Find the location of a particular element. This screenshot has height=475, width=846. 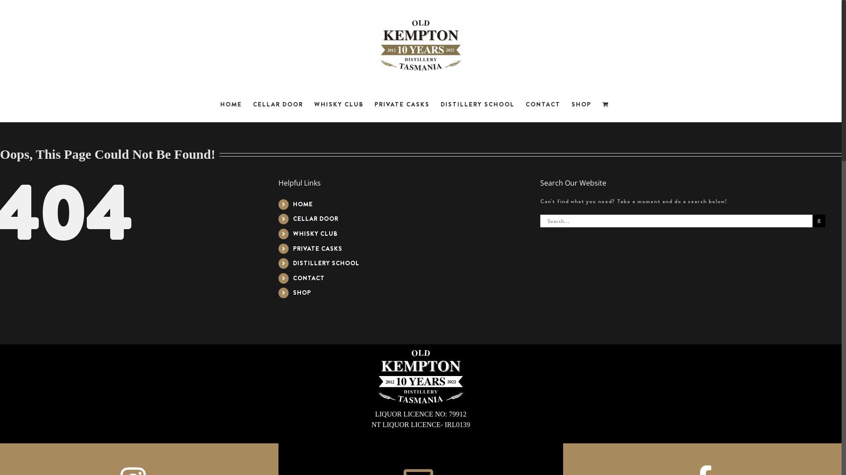

'HOME' is located at coordinates (231, 103).